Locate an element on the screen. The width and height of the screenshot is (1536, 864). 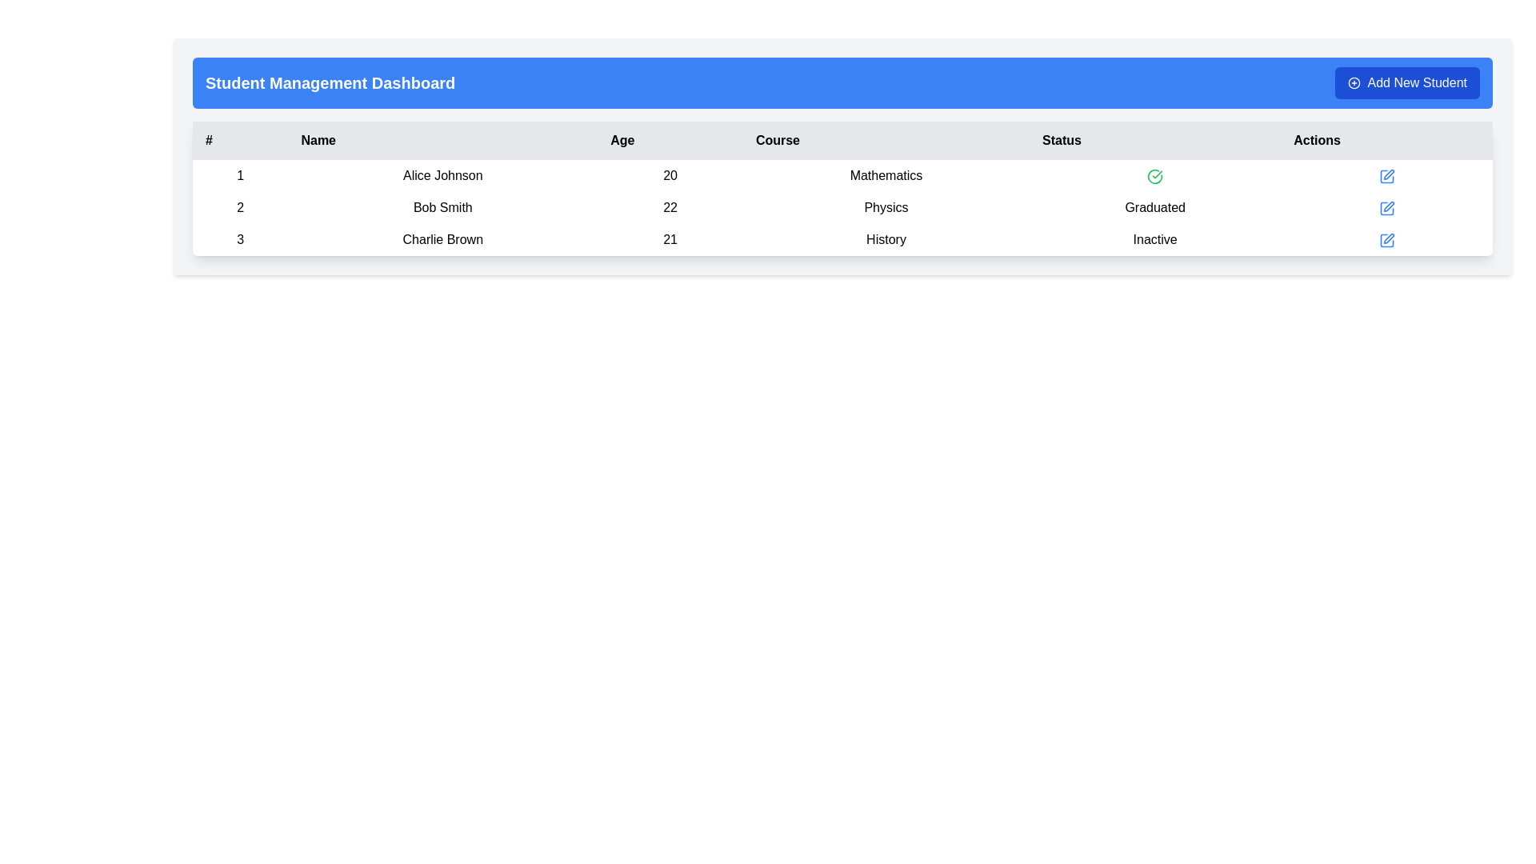
the edit button located in the 'Actions' column for the row corresponding to user 'Bob Smith' is located at coordinates (1385, 206).